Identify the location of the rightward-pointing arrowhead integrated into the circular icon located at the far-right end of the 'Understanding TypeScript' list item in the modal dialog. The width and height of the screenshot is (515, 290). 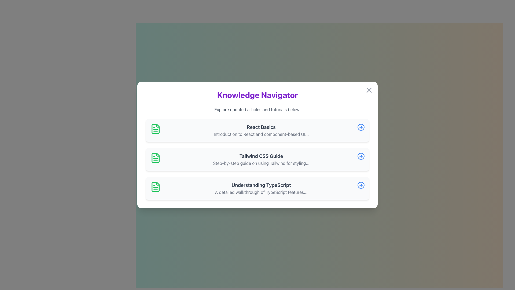
(362, 185).